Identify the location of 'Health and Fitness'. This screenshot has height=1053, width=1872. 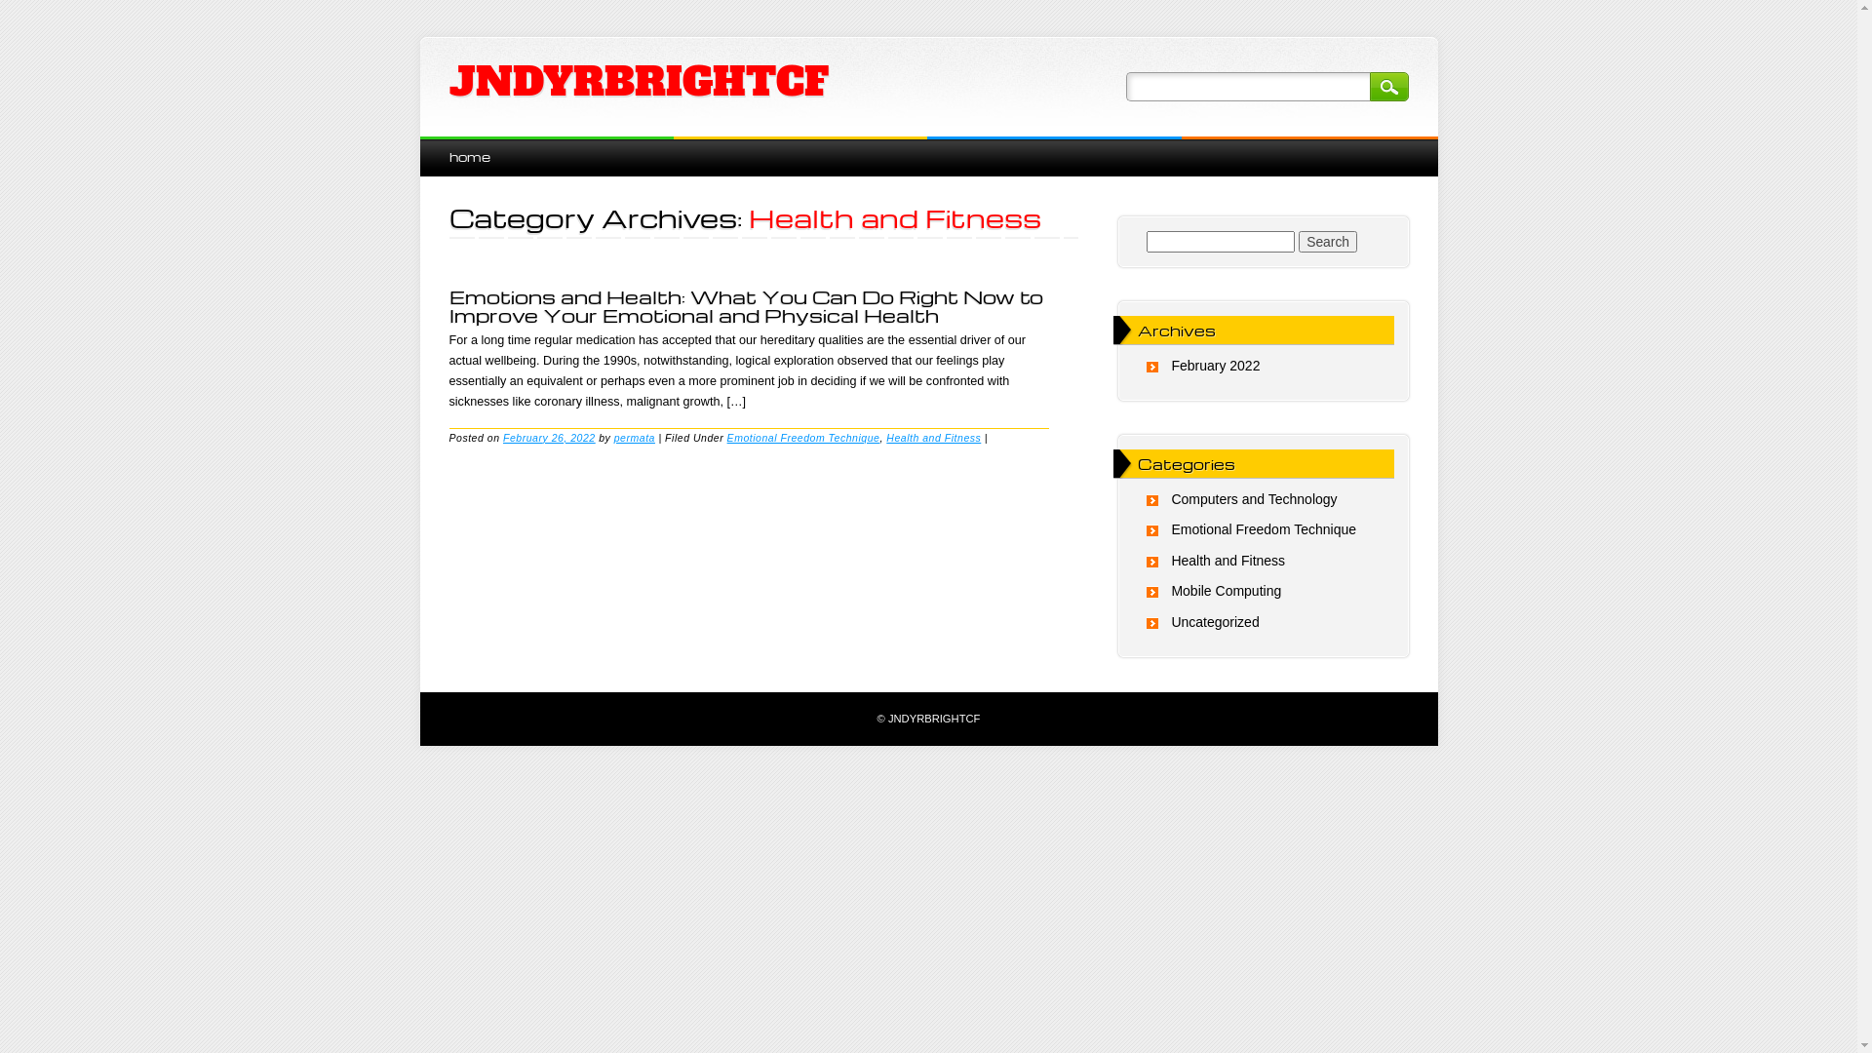
(932, 435).